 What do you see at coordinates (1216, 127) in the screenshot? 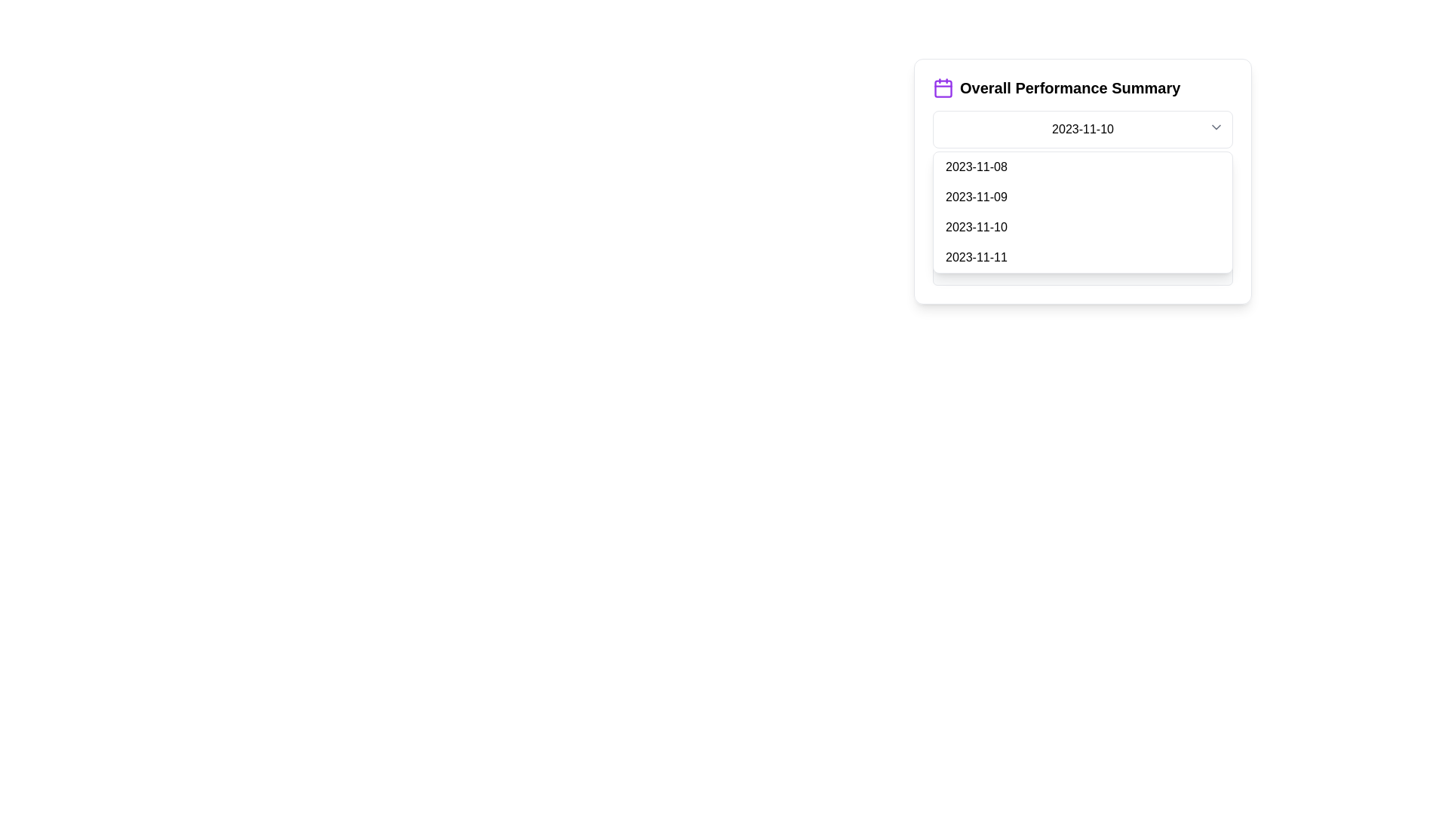
I see `the down-facing chevron icon in the upper-right corner of the date picker field` at bounding box center [1216, 127].